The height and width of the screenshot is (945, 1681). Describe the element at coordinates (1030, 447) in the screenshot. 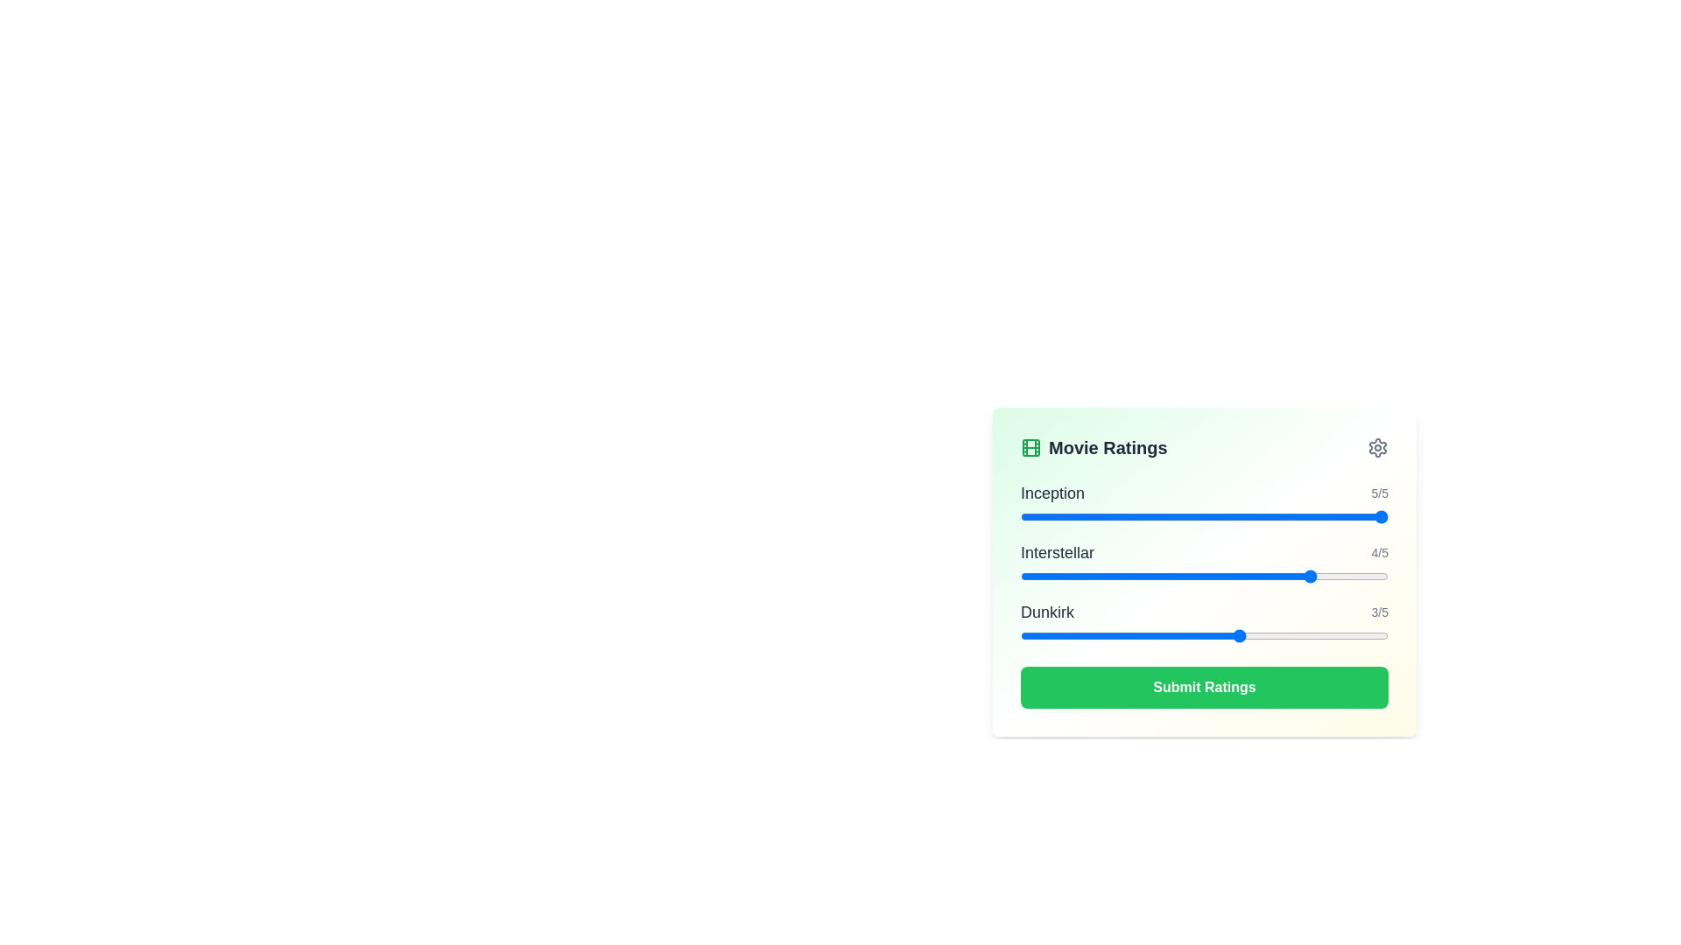

I see `the film reel icon with a green border located to the left of the 'Movie Ratings' title in the header section` at that location.